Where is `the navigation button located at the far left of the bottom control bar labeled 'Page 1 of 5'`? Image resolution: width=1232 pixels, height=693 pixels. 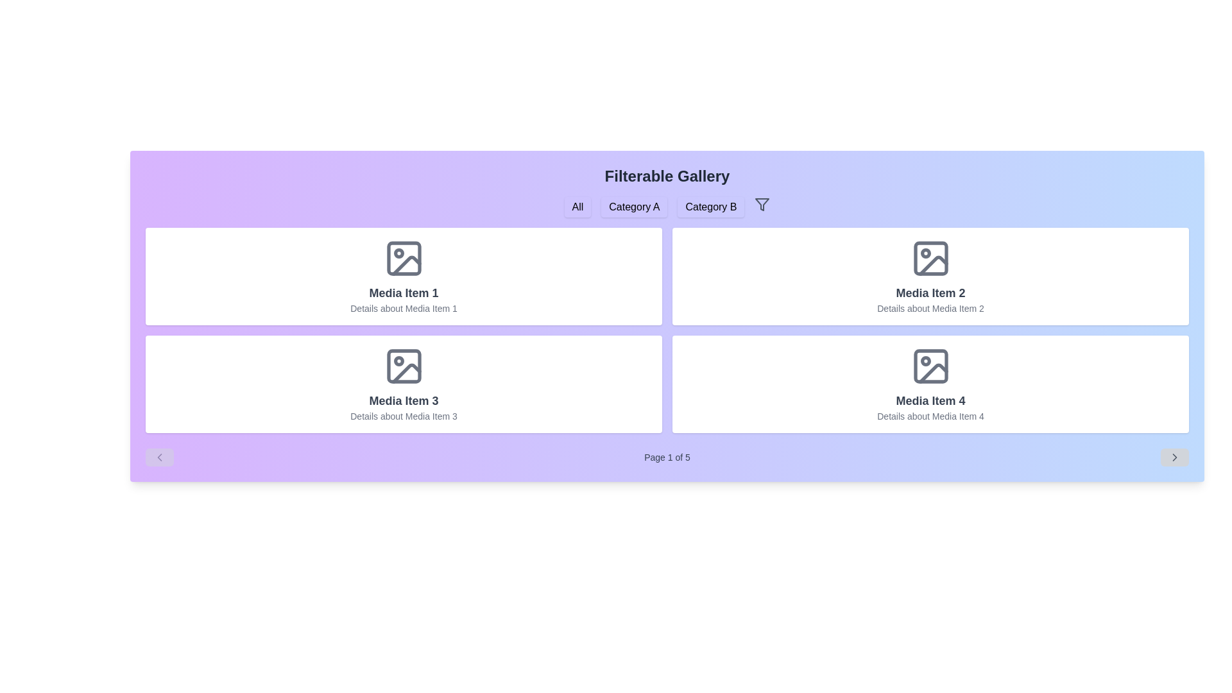
the navigation button located at the far left of the bottom control bar labeled 'Page 1 of 5' is located at coordinates (159, 457).